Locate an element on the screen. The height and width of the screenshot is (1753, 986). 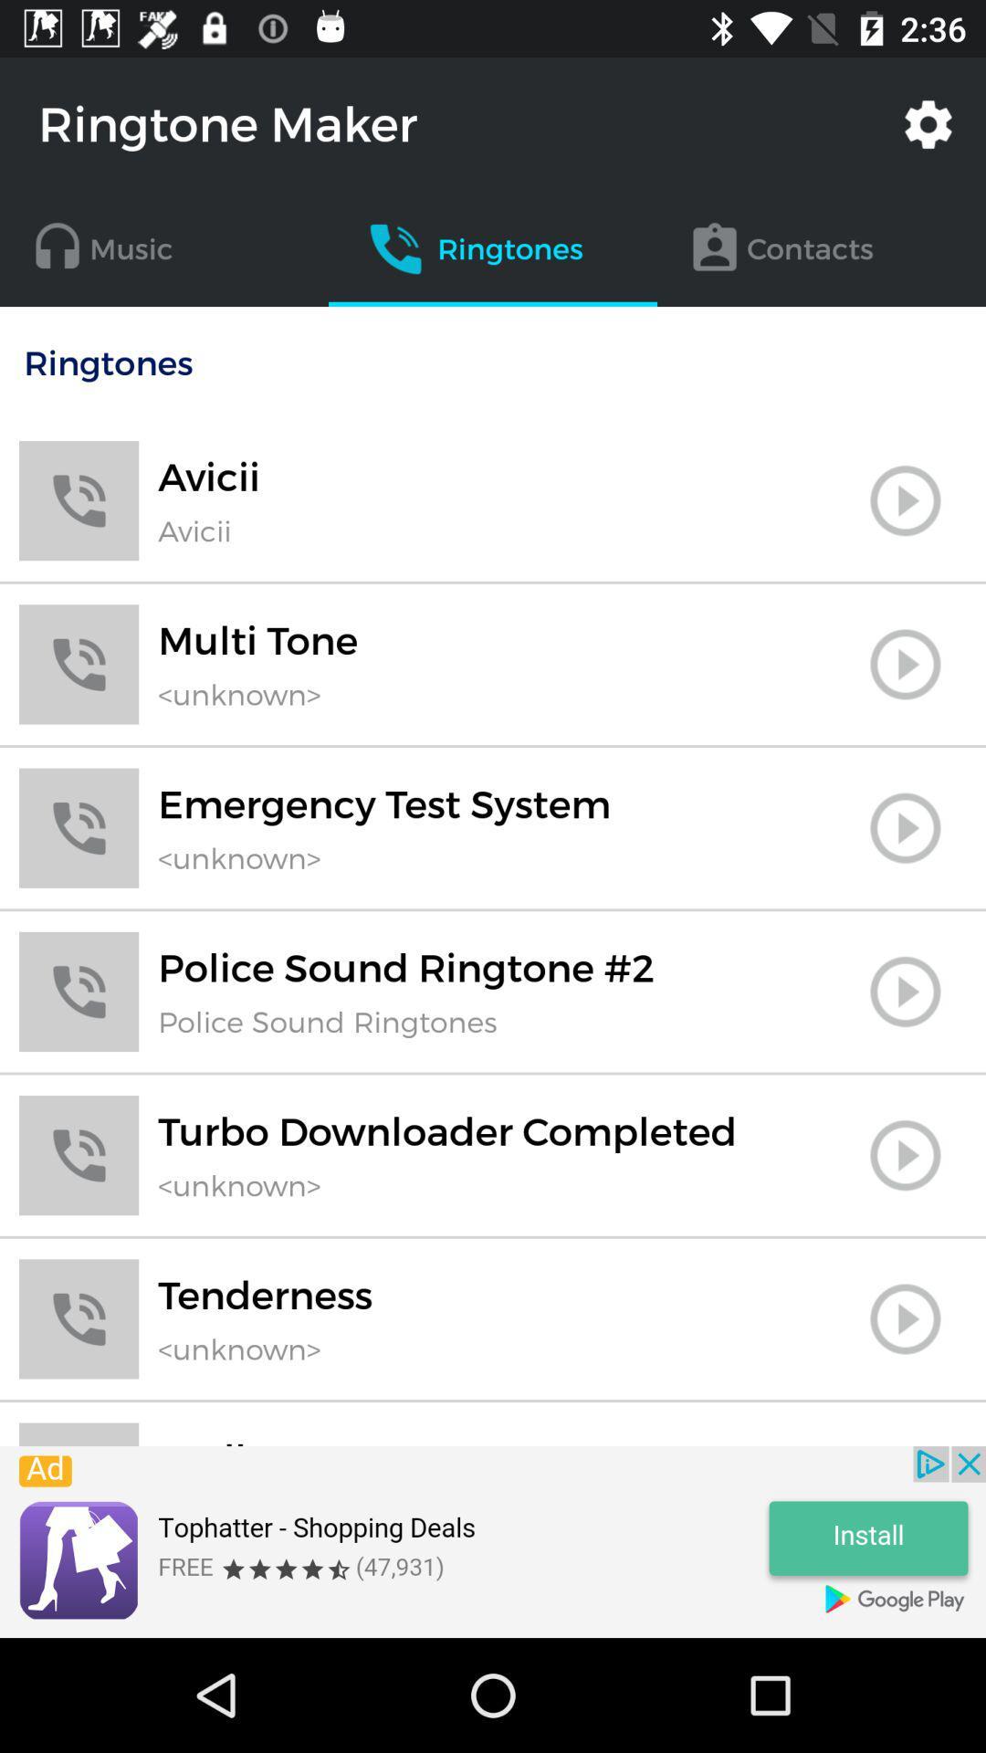
page is located at coordinates (905, 1318).